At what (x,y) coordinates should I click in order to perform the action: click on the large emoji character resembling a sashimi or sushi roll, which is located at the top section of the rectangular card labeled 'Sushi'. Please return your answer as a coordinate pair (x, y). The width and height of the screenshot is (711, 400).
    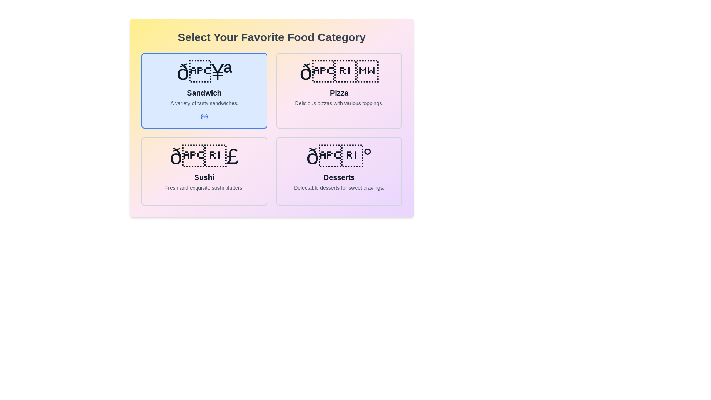
    Looking at the image, I should click on (204, 156).